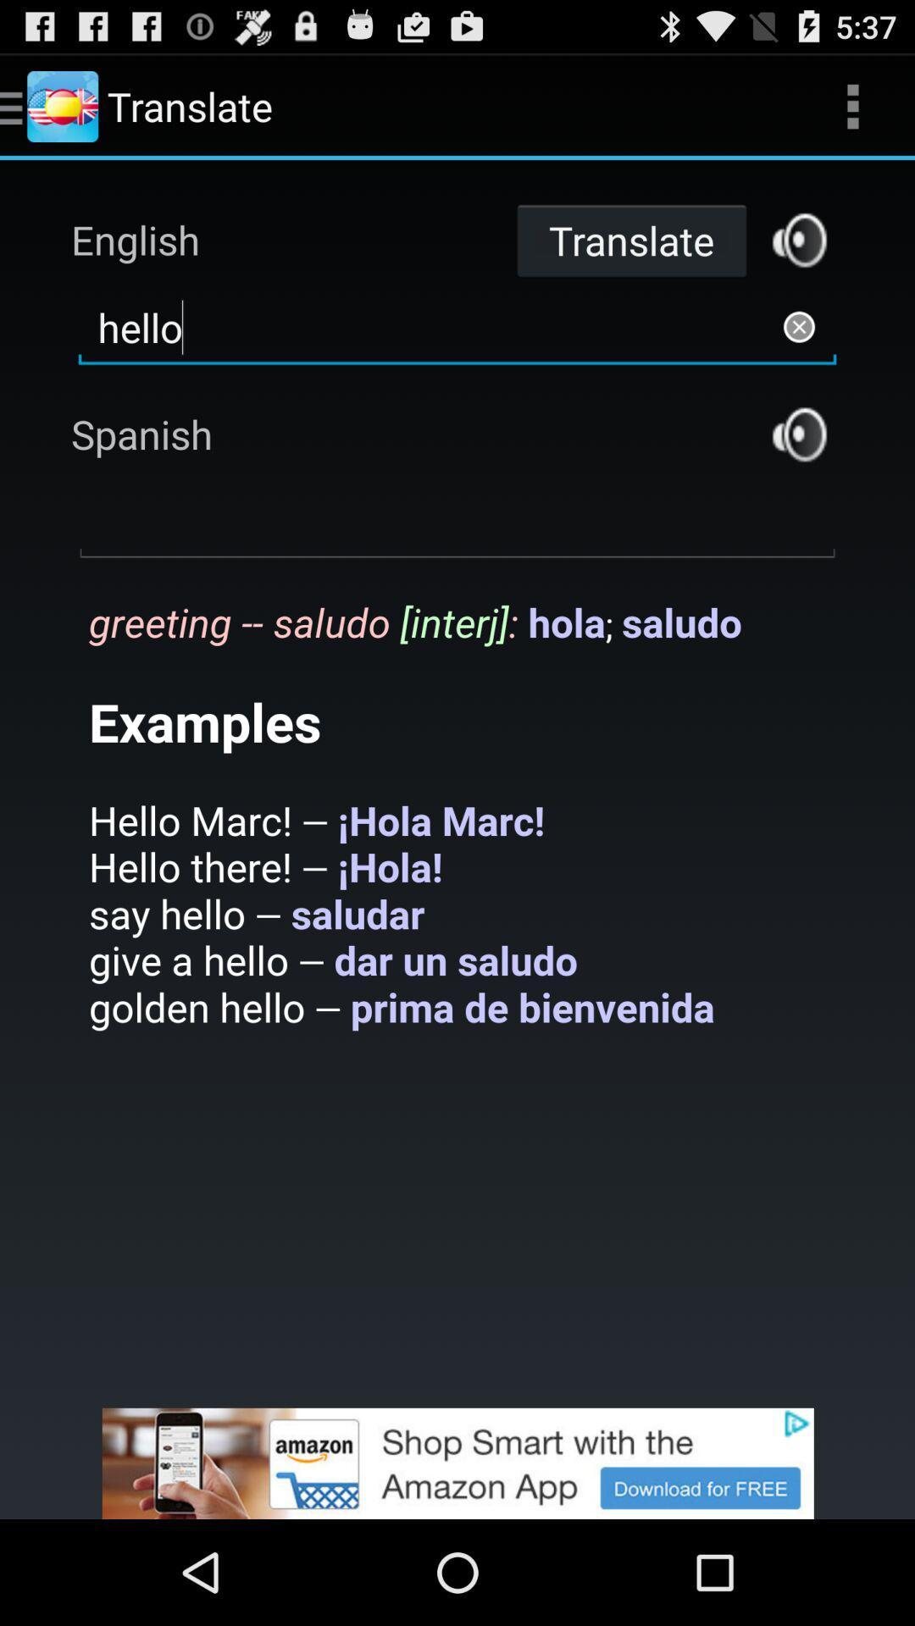  What do you see at coordinates (457, 522) in the screenshot?
I see `open text area` at bounding box center [457, 522].